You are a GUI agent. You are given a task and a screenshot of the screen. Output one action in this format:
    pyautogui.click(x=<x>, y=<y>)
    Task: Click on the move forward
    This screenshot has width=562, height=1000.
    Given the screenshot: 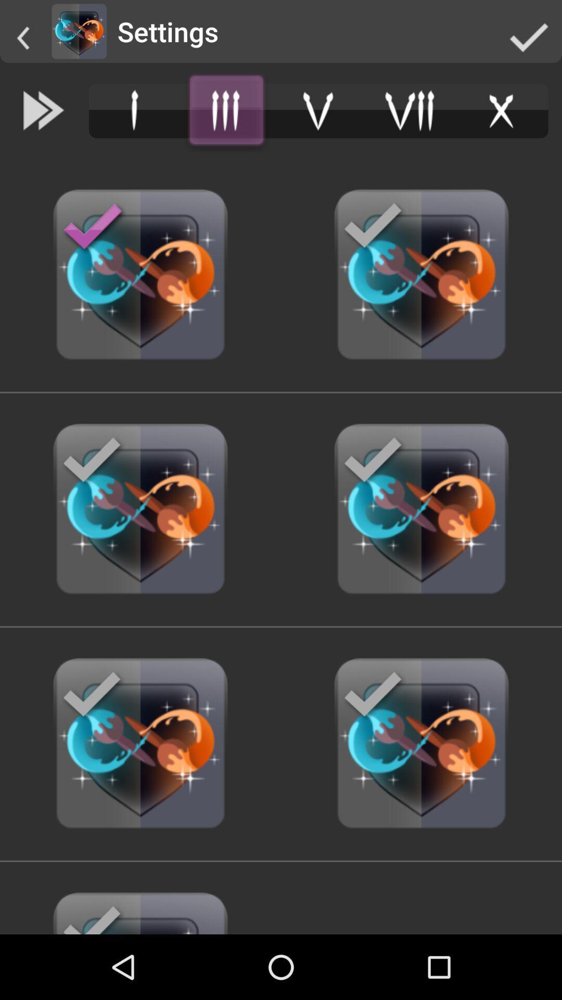 What is the action you would take?
    pyautogui.click(x=43, y=110)
    